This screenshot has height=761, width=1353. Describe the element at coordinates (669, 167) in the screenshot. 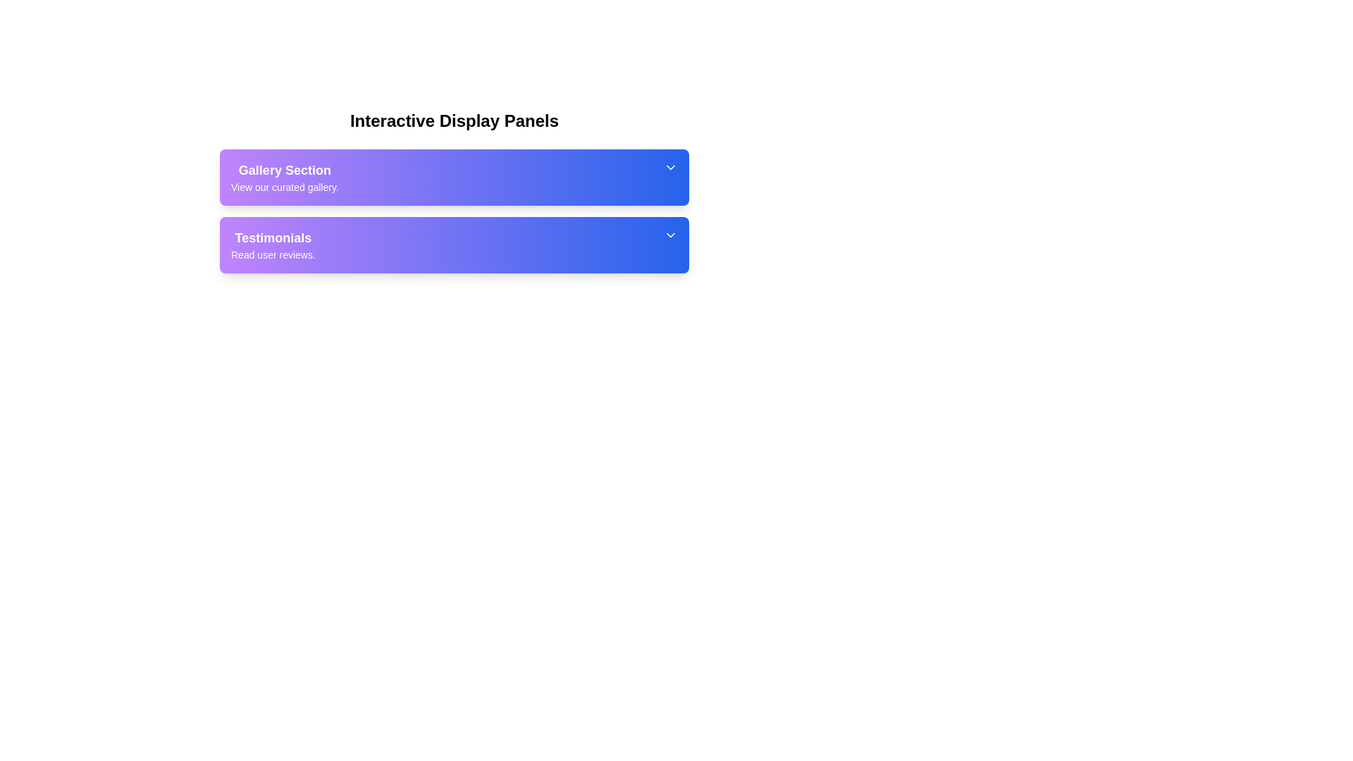

I see `the downward-pointing chevron icon located at the right end of the 'Gallery Section' header bar` at that location.